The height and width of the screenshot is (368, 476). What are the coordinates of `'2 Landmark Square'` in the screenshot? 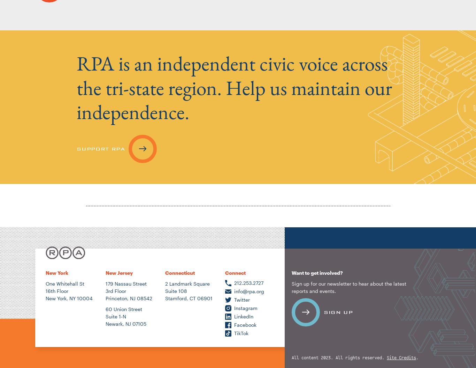 It's located at (187, 283).